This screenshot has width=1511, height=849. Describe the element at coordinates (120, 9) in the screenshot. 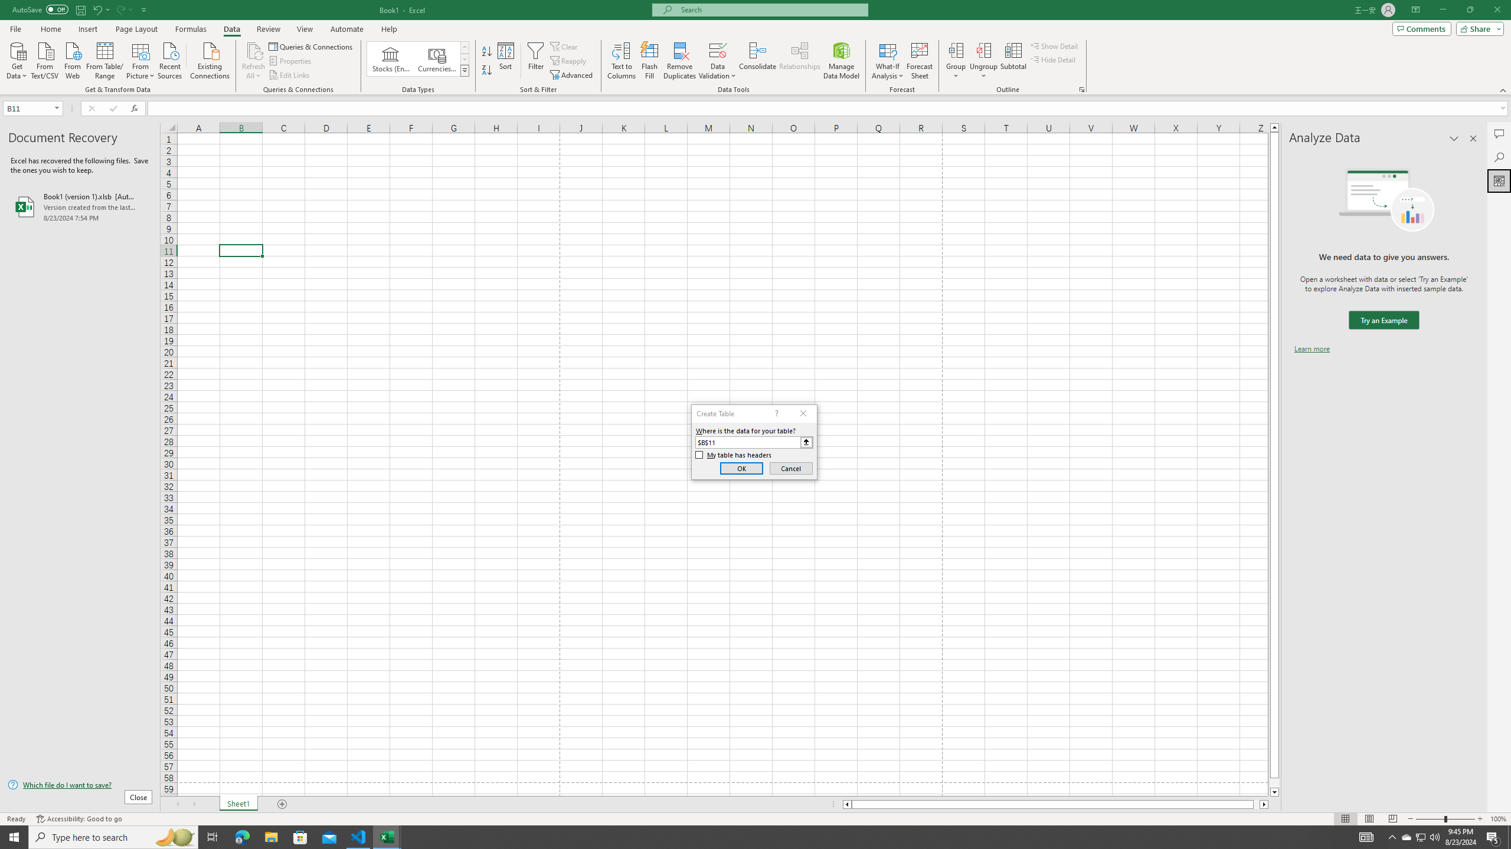

I see `'Redo'` at that location.